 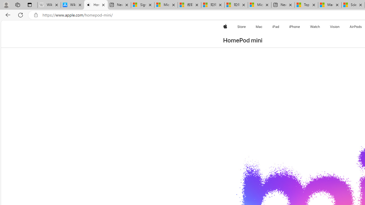 What do you see at coordinates (225, 26) in the screenshot?
I see `'Apple'` at bounding box center [225, 26].